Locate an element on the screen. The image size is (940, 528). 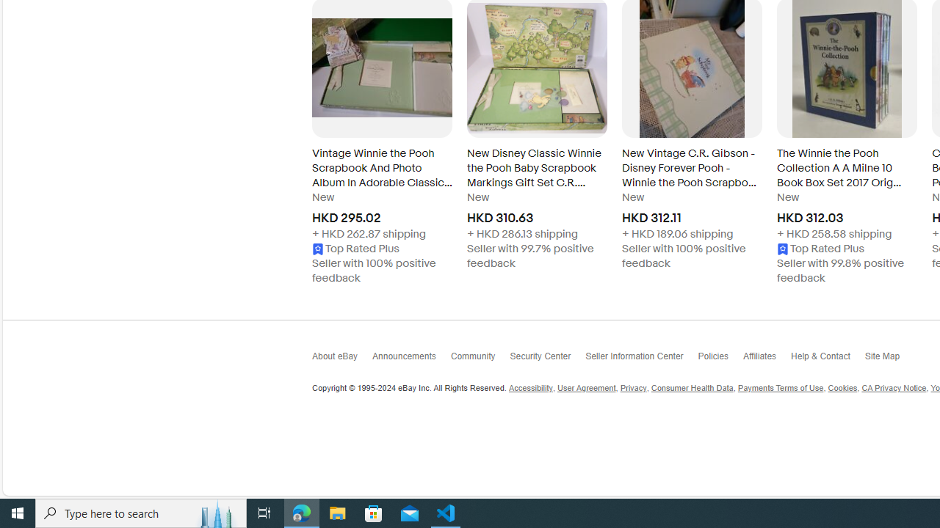
'Go to the previous slide, Explore related items - Carousel' is located at coordinates (311, 144).